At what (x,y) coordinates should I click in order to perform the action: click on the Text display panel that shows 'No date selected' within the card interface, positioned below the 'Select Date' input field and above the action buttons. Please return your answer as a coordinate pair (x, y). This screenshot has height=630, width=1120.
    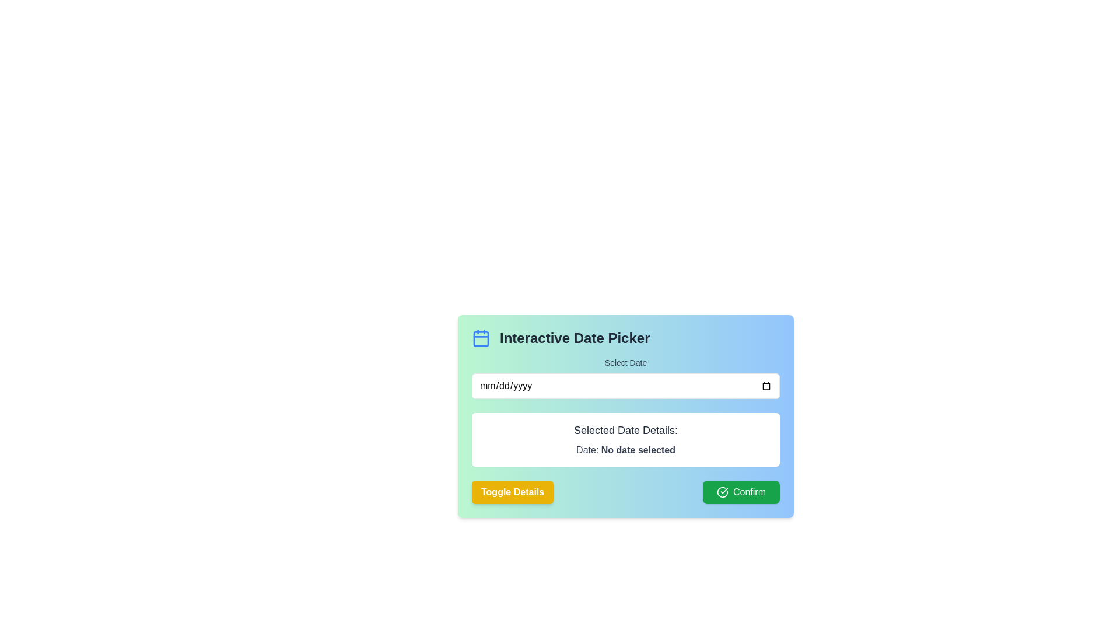
    Looking at the image, I should click on (625, 439).